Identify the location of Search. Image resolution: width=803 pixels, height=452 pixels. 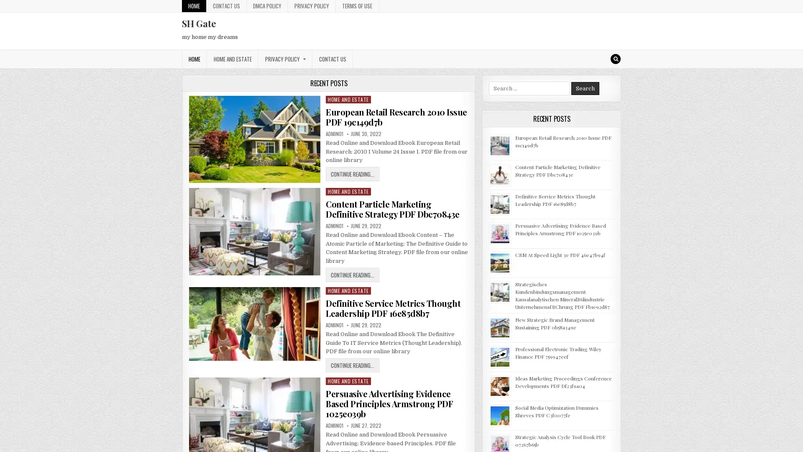
(585, 88).